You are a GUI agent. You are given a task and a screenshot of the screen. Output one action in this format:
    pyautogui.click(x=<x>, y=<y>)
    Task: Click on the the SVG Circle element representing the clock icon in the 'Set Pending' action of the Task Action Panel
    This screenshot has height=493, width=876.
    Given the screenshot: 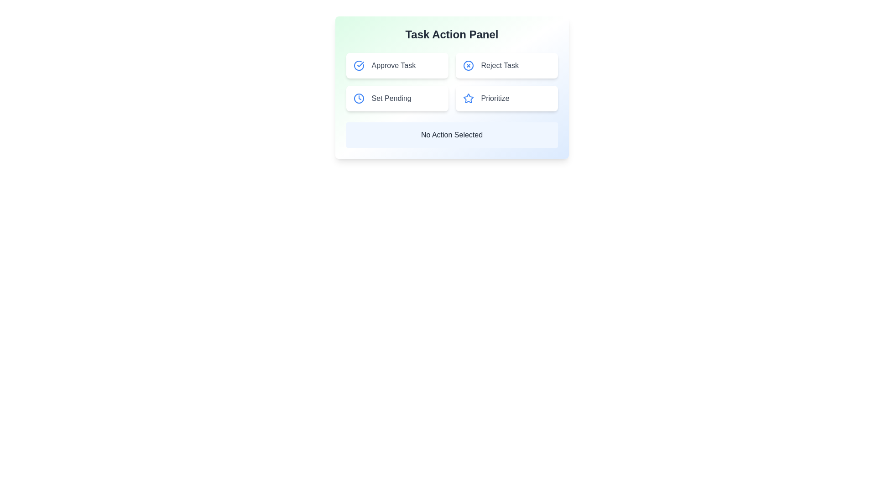 What is the action you would take?
    pyautogui.click(x=358, y=99)
    